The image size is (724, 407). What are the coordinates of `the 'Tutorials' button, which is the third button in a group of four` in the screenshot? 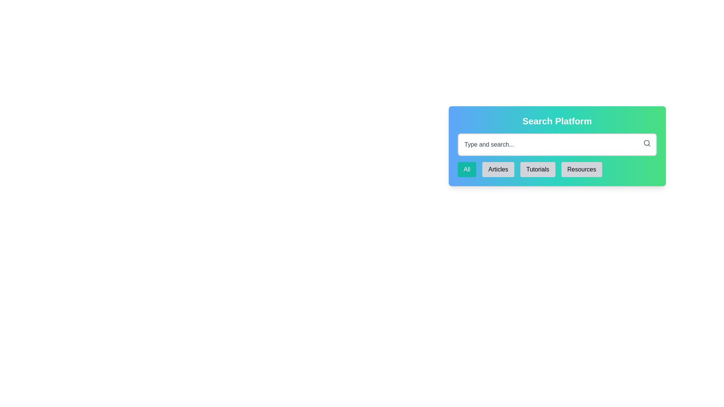 It's located at (537, 170).